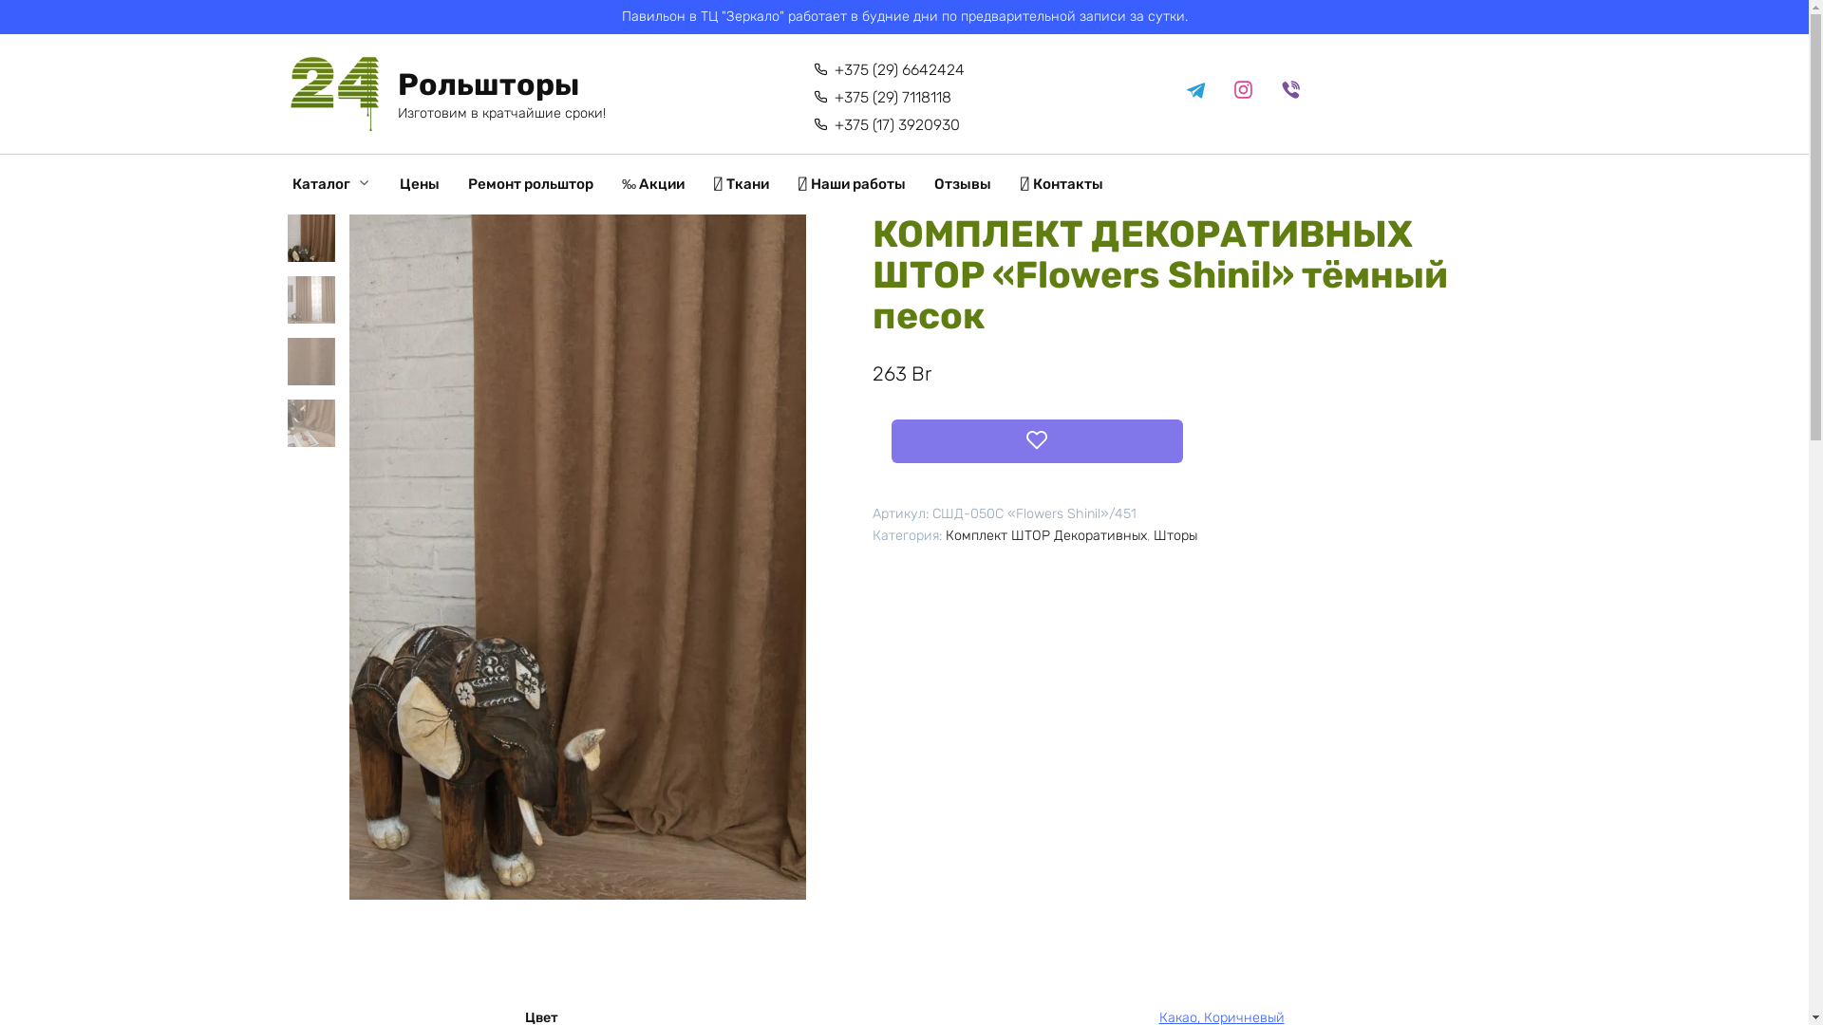 Image resolution: width=1823 pixels, height=1025 pixels. What do you see at coordinates (814, 98) in the screenshot?
I see `'+375 (29) 7118118'` at bounding box center [814, 98].